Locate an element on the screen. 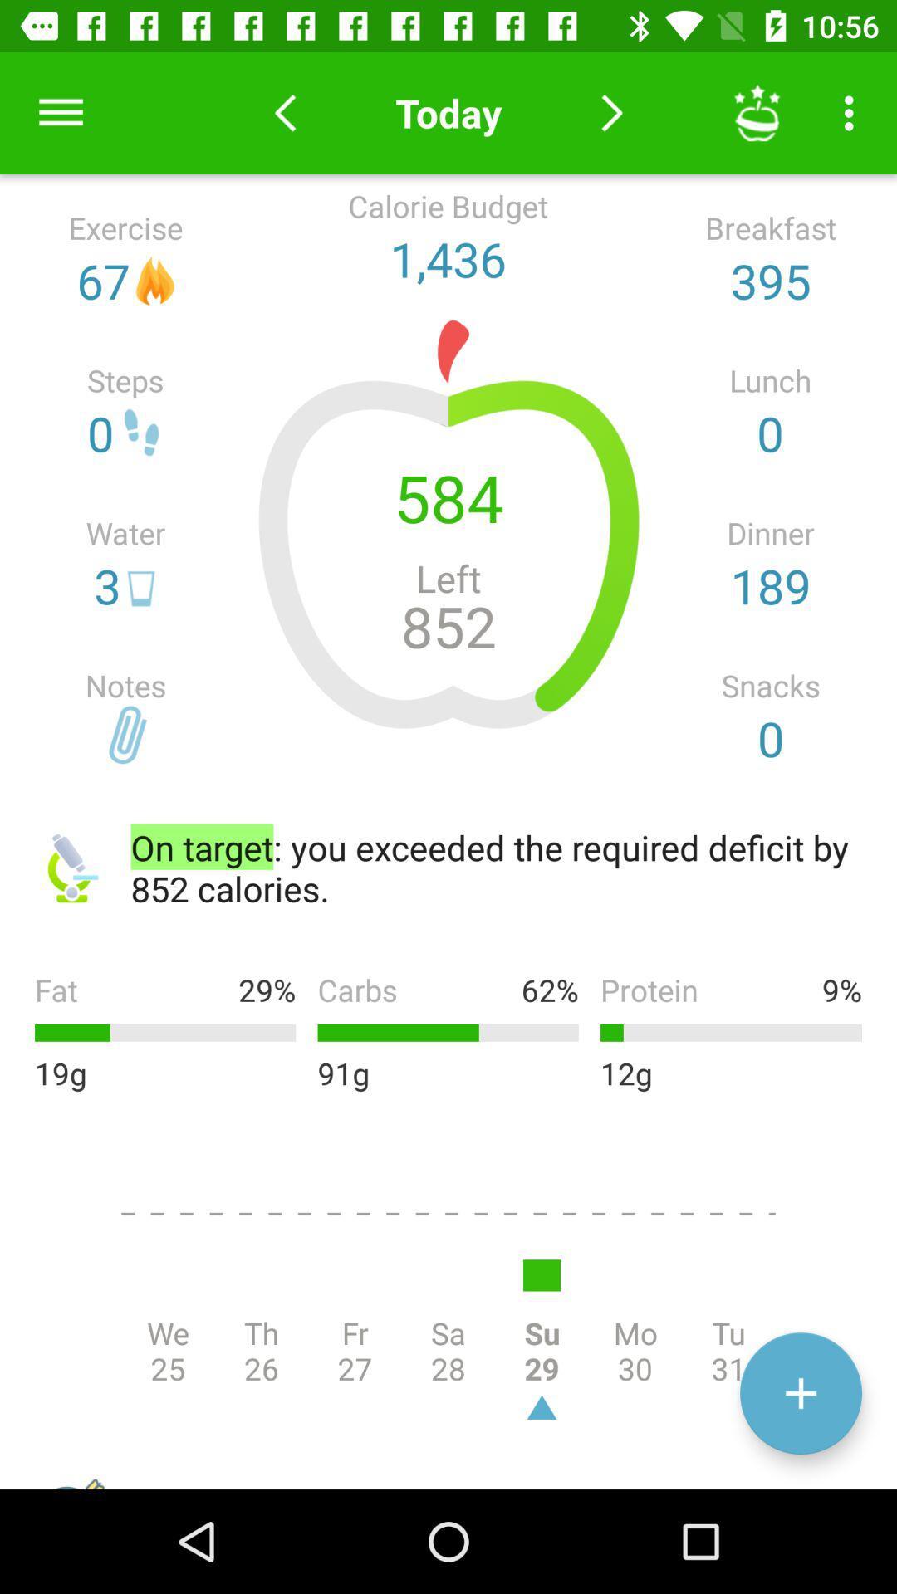 This screenshot has height=1594, width=897. arrow symbol to the right side of today is located at coordinates (612, 112).